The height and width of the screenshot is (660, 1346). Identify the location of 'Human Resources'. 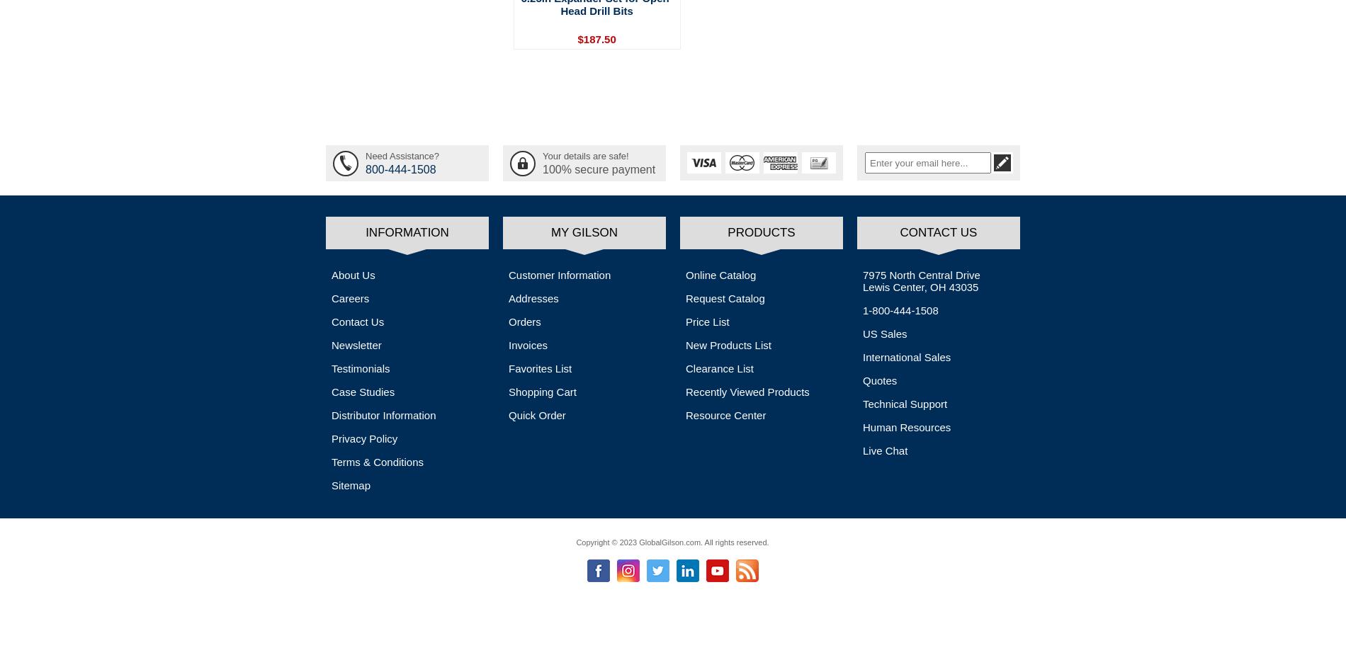
(906, 426).